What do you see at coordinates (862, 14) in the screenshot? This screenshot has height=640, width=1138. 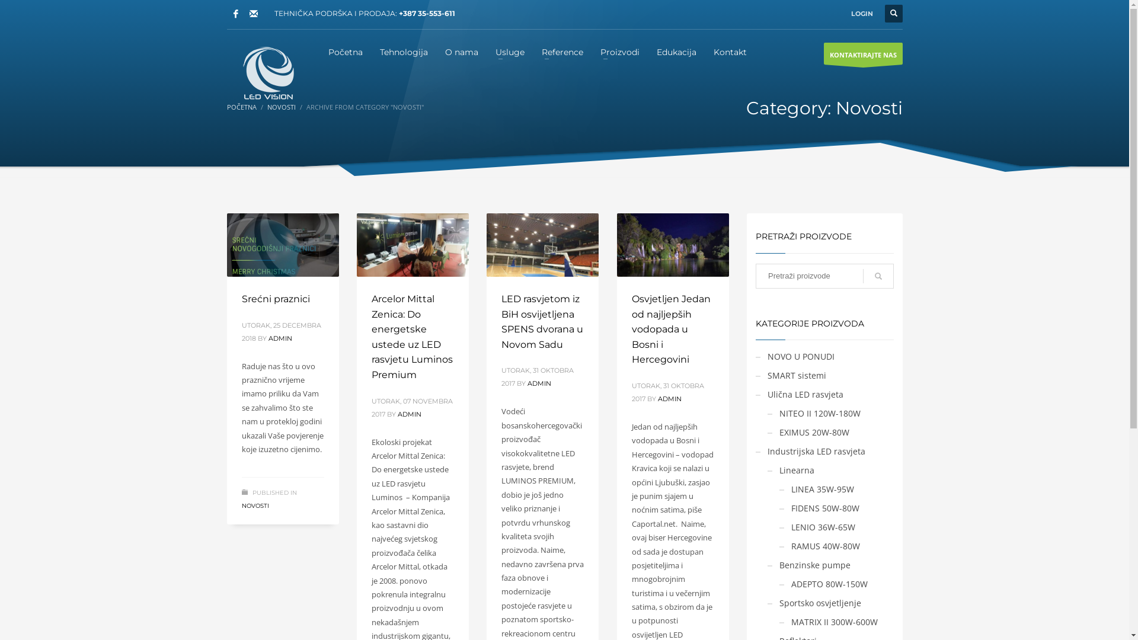 I see `'LOGIN'` at bounding box center [862, 14].